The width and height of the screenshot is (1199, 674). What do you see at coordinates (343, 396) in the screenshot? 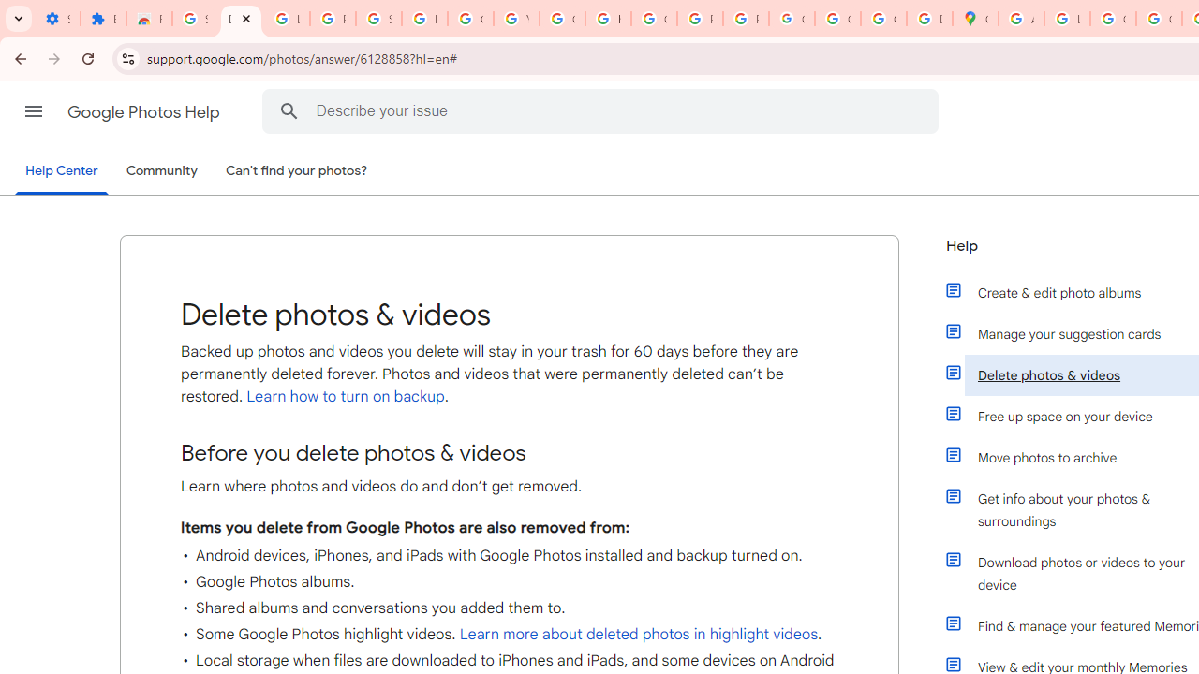
I see `' Learn how to turn on backup'` at bounding box center [343, 396].